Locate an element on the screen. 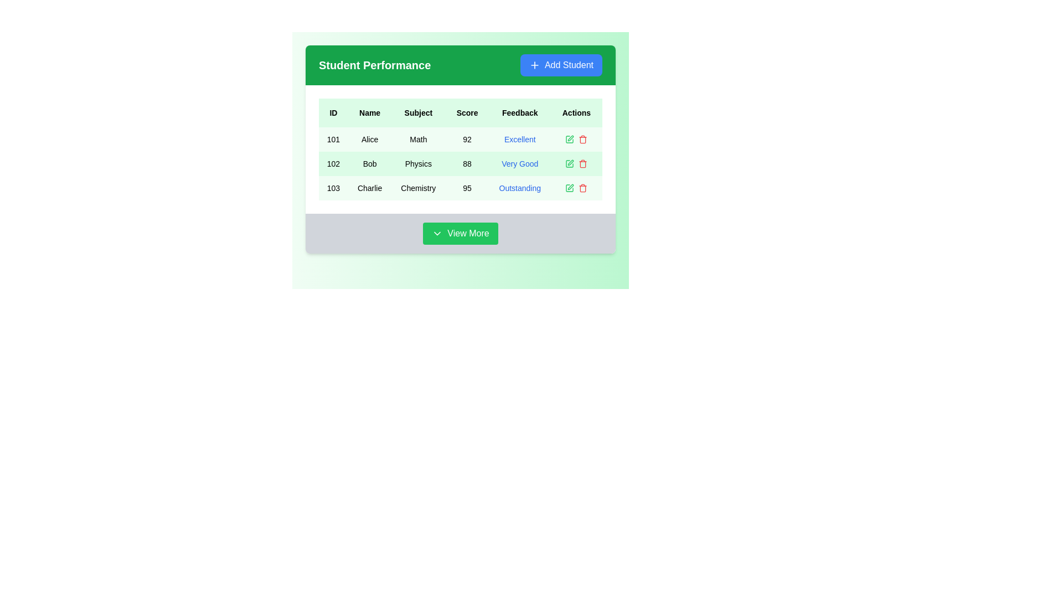 The width and height of the screenshot is (1063, 598). the green pencil icon in the Icon Group located in the Actions column for the student Alice is located at coordinates (576, 138).